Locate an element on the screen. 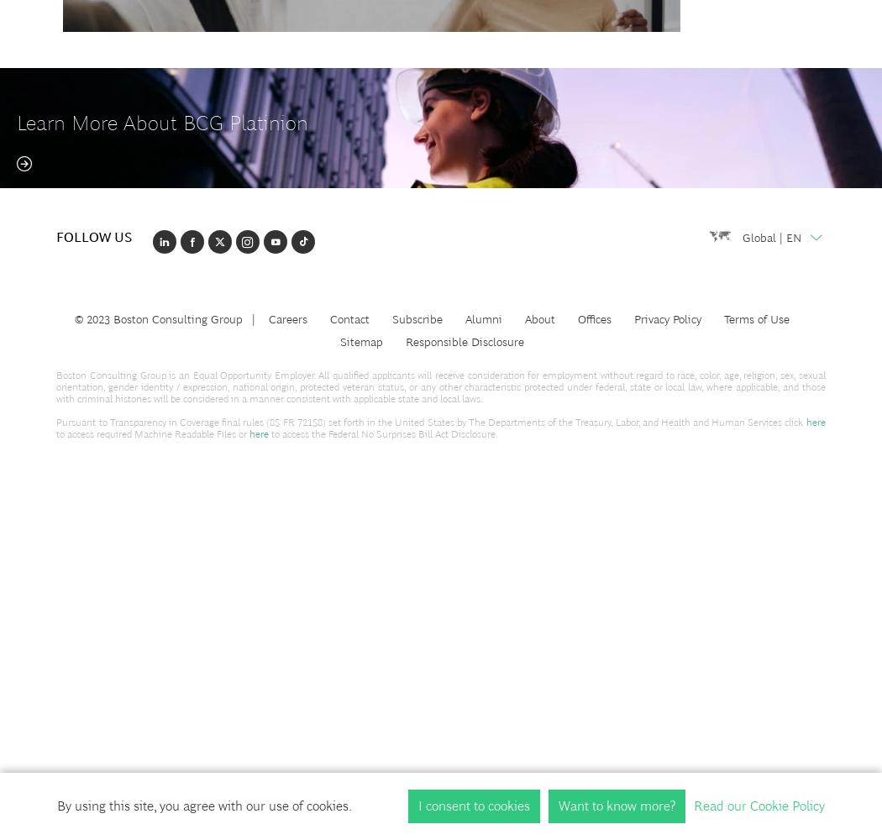 The width and height of the screenshot is (882, 840). '© 2023 Boston Consulting Group' is located at coordinates (157, 318).